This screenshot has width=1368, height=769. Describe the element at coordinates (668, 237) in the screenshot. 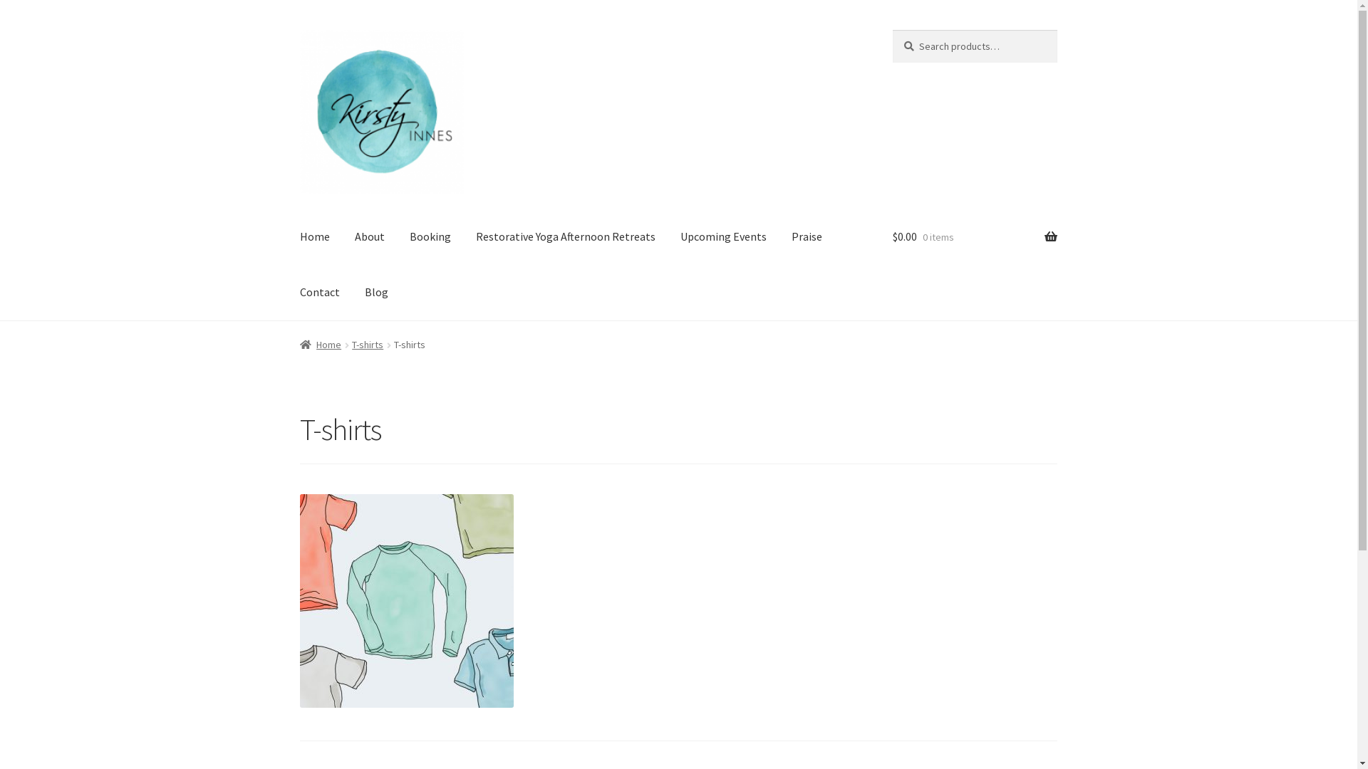

I see `'Upcoming Events'` at that location.